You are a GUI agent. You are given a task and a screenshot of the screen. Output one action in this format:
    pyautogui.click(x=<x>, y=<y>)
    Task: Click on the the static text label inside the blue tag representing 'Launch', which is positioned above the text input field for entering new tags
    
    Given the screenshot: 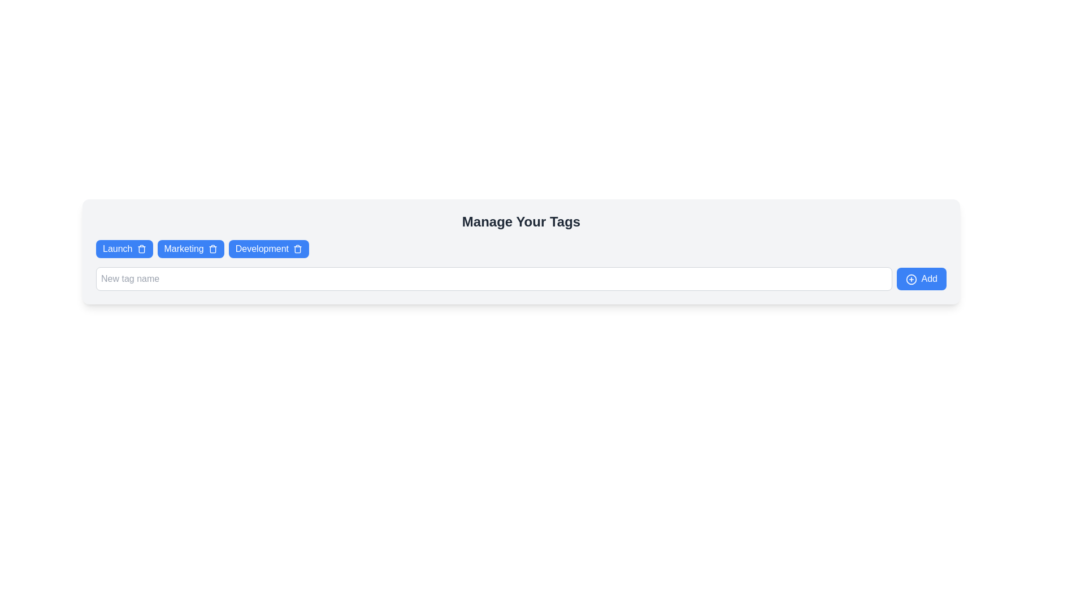 What is the action you would take?
    pyautogui.click(x=118, y=248)
    